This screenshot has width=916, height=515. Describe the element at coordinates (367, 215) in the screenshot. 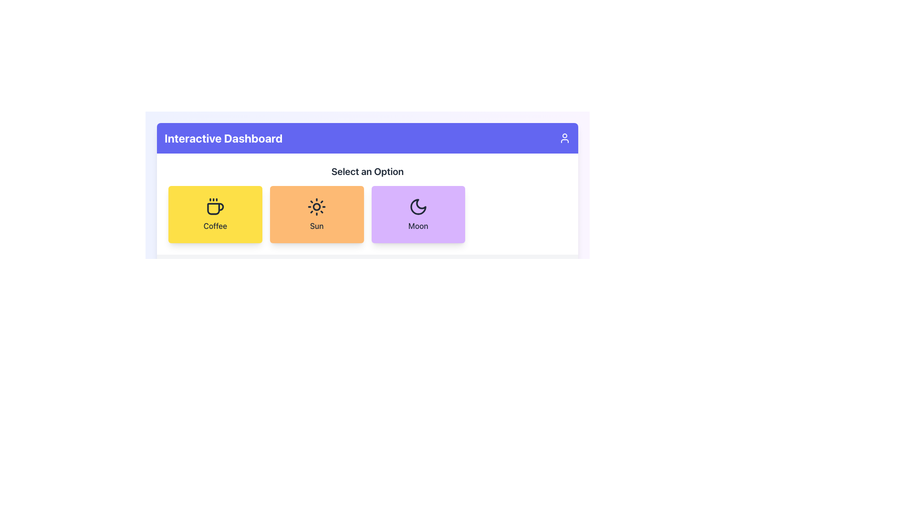

I see `the interactive Grid layout element that presents options for 'Coffee', 'Sun', or 'Moon' located beneath the 'Select an Option' header` at that location.